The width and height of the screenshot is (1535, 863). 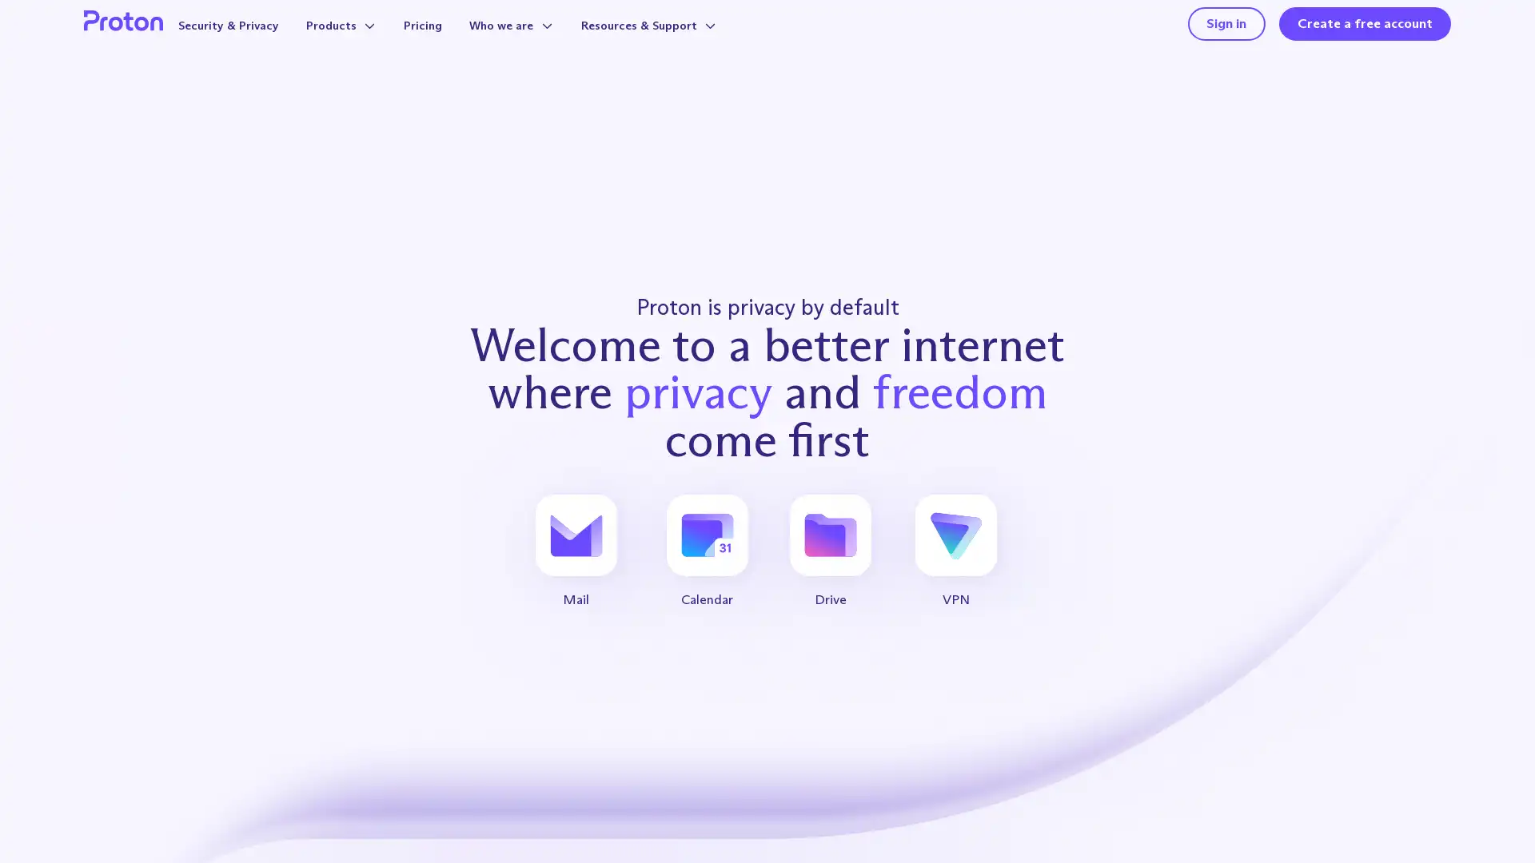 What do you see at coordinates (543, 41) in the screenshot?
I see `Who we are` at bounding box center [543, 41].